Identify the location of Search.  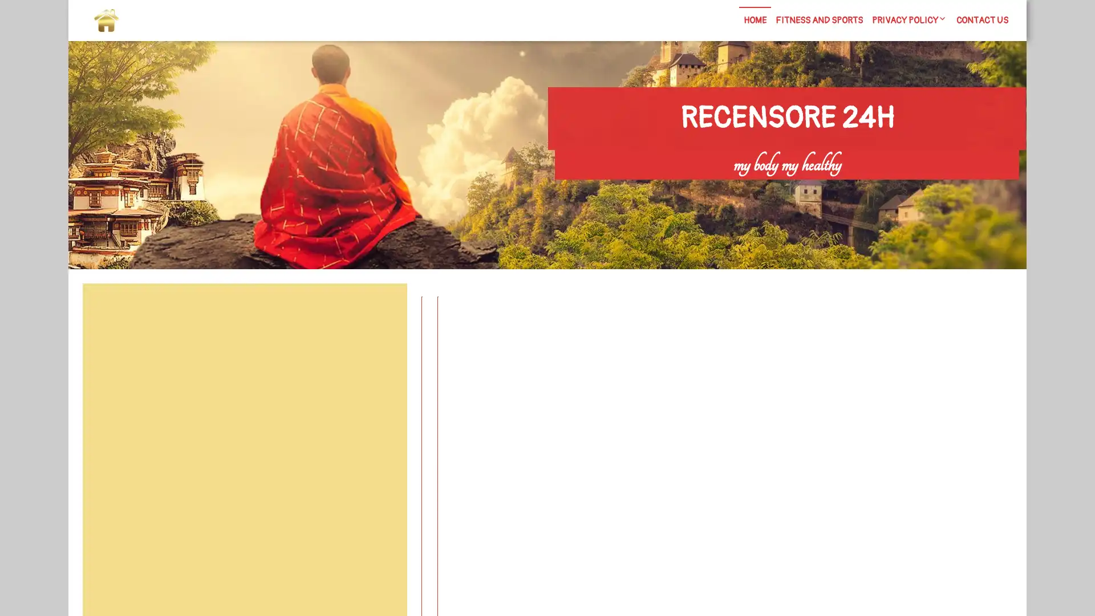
(888, 187).